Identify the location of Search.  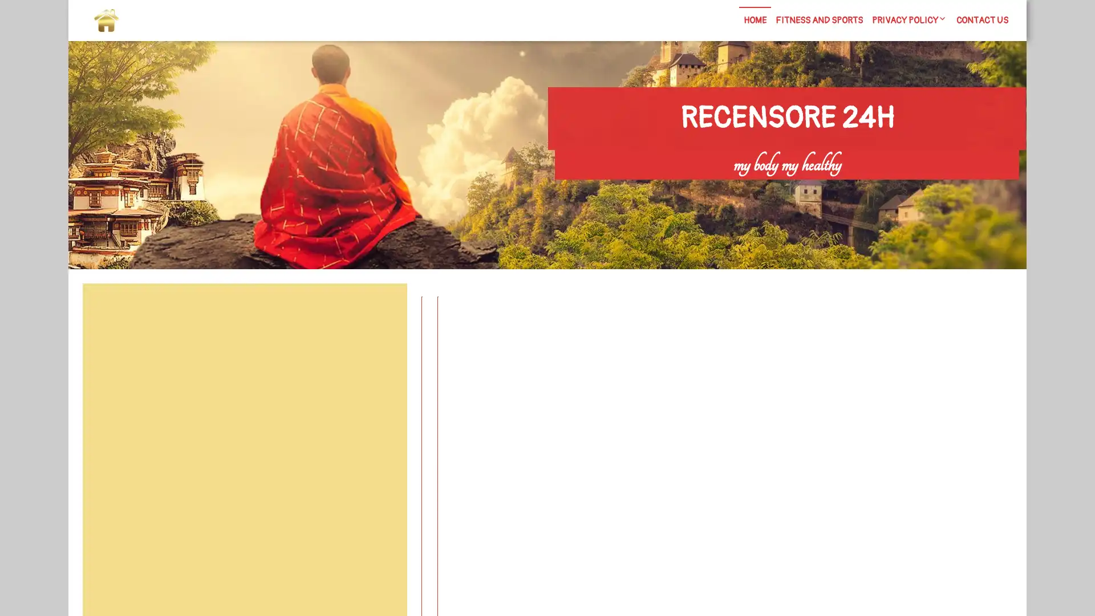
(888, 187).